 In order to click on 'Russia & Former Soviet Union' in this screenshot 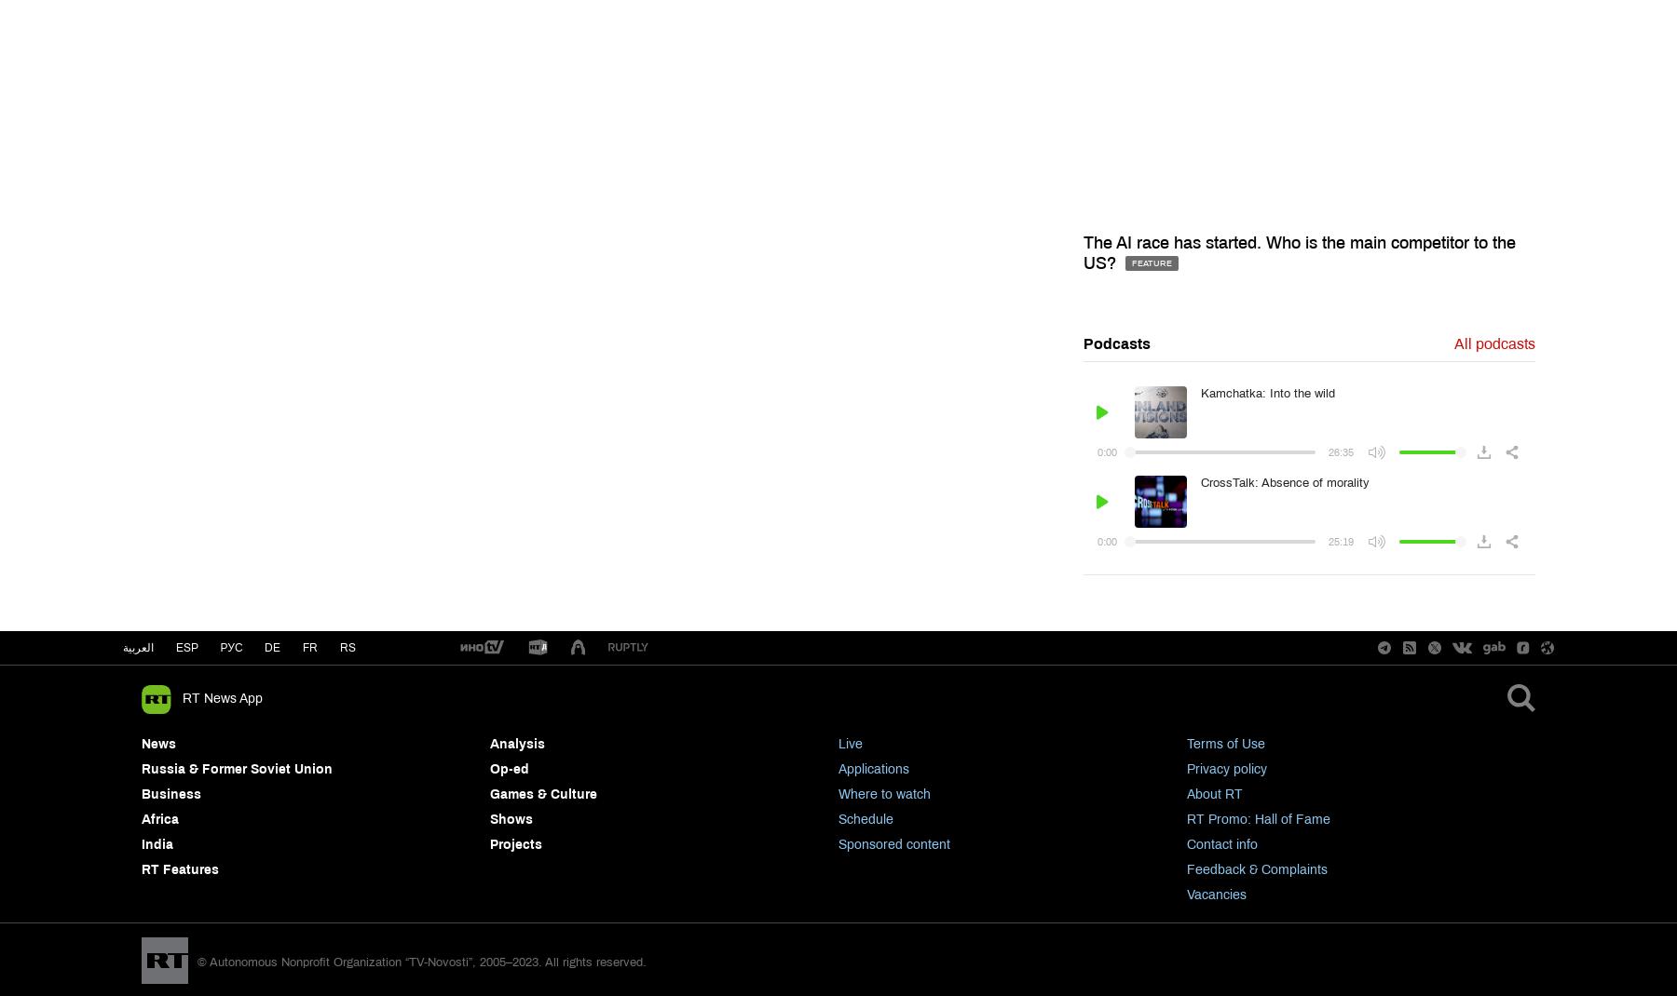, I will do `click(236, 769)`.